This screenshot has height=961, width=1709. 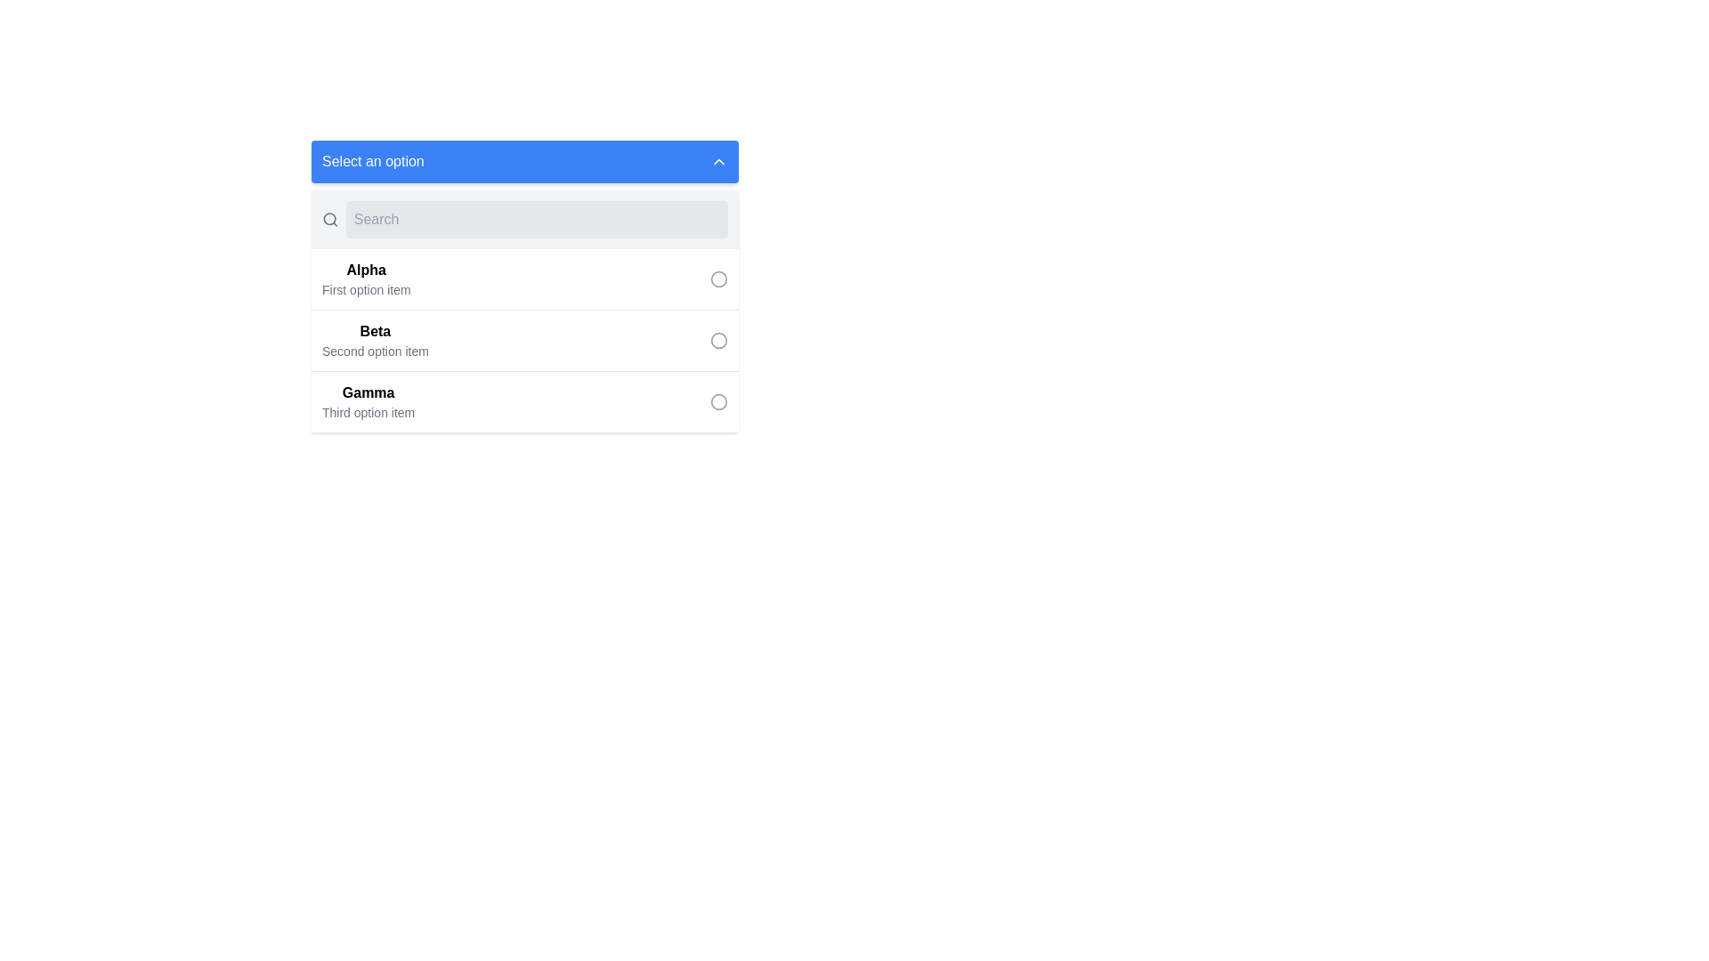 What do you see at coordinates (329, 218) in the screenshot?
I see `the SVG Circle element that represents the circular part of a search icon, located to the left of the search text input area in the dropdown interface` at bounding box center [329, 218].